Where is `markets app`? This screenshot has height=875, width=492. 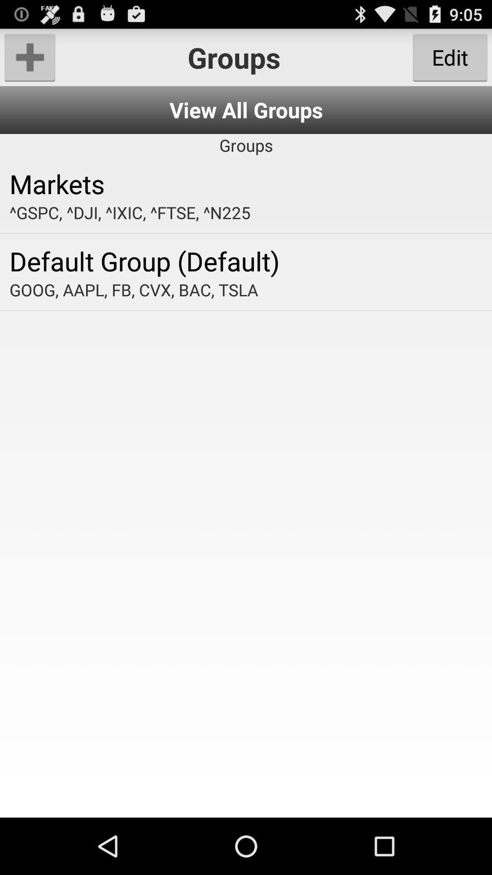 markets app is located at coordinates (246, 183).